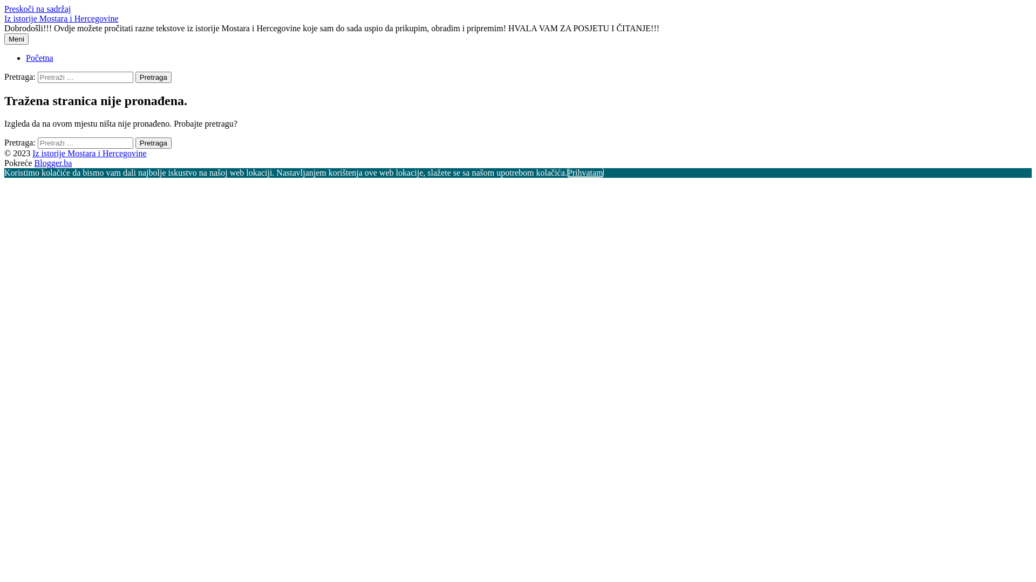 This screenshot has height=582, width=1036. I want to click on 'Pretraga', so click(153, 77).